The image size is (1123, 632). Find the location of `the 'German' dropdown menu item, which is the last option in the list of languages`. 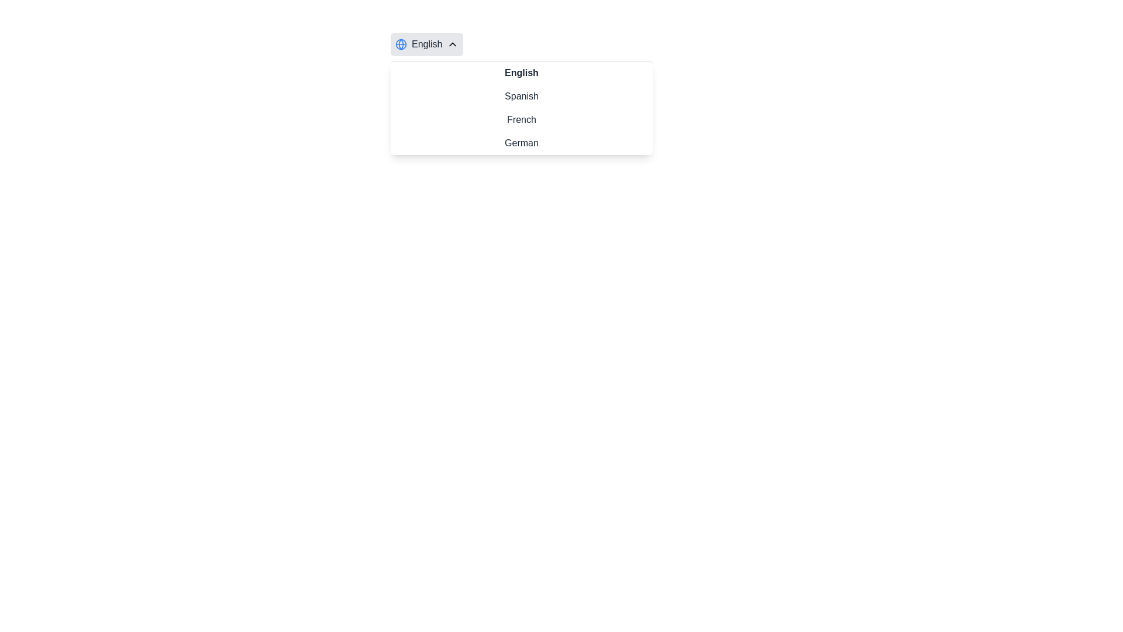

the 'German' dropdown menu item, which is the last option in the list of languages is located at coordinates (521, 143).